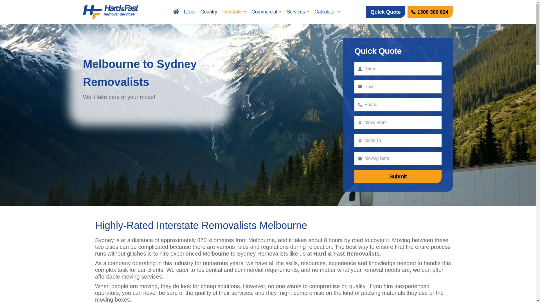  What do you see at coordinates (267, 114) in the screenshot?
I see `'Melbourne to Sydney Removalists'` at bounding box center [267, 114].